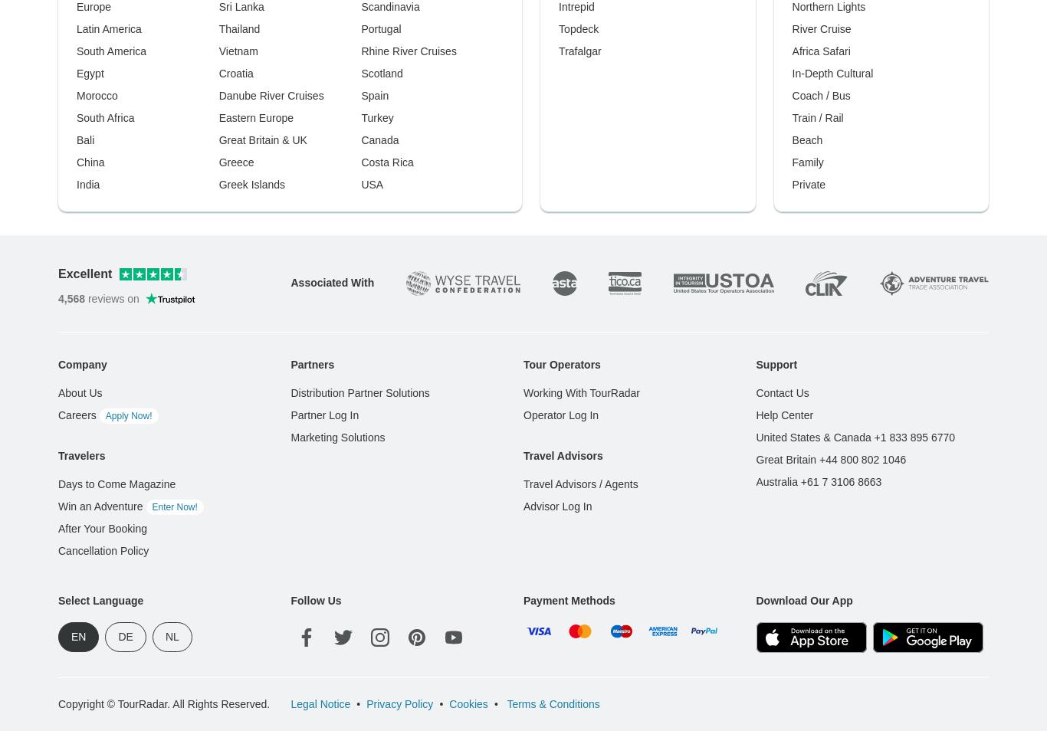 This screenshot has width=1047, height=731. Describe the element at coordinates (581, 392) in the screenshot. I see `'Working With TourRadar'` at that location.